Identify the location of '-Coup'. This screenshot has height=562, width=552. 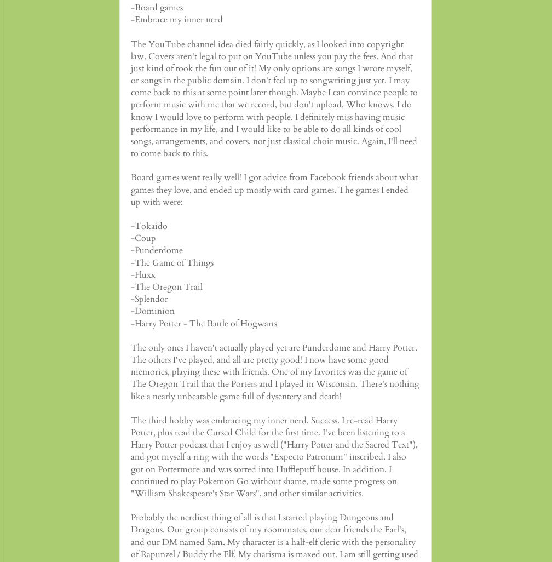
(143, 238).